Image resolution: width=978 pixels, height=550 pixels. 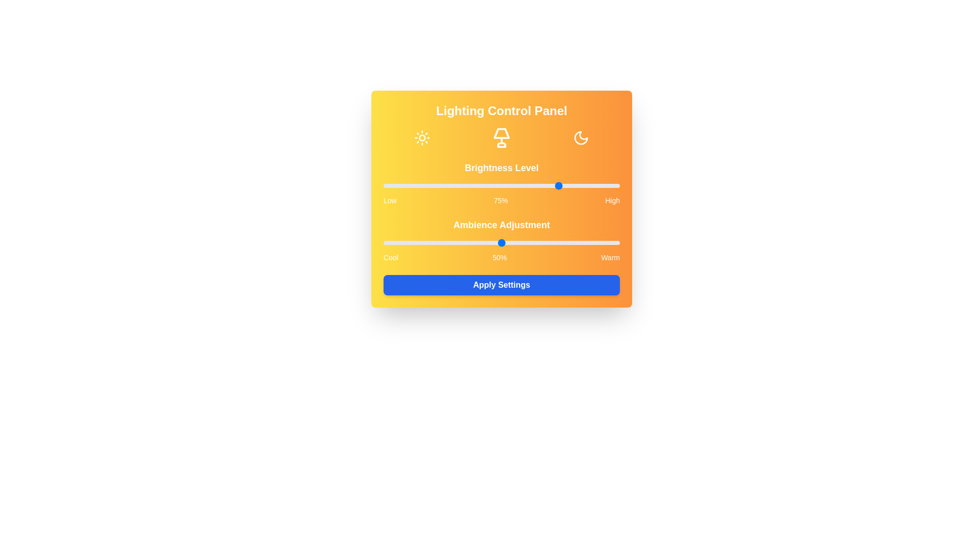 What do you see at coordinates (501, 285) in the screenshot?
I see `'Apply Settings' button` at bounding box center [501, 285].